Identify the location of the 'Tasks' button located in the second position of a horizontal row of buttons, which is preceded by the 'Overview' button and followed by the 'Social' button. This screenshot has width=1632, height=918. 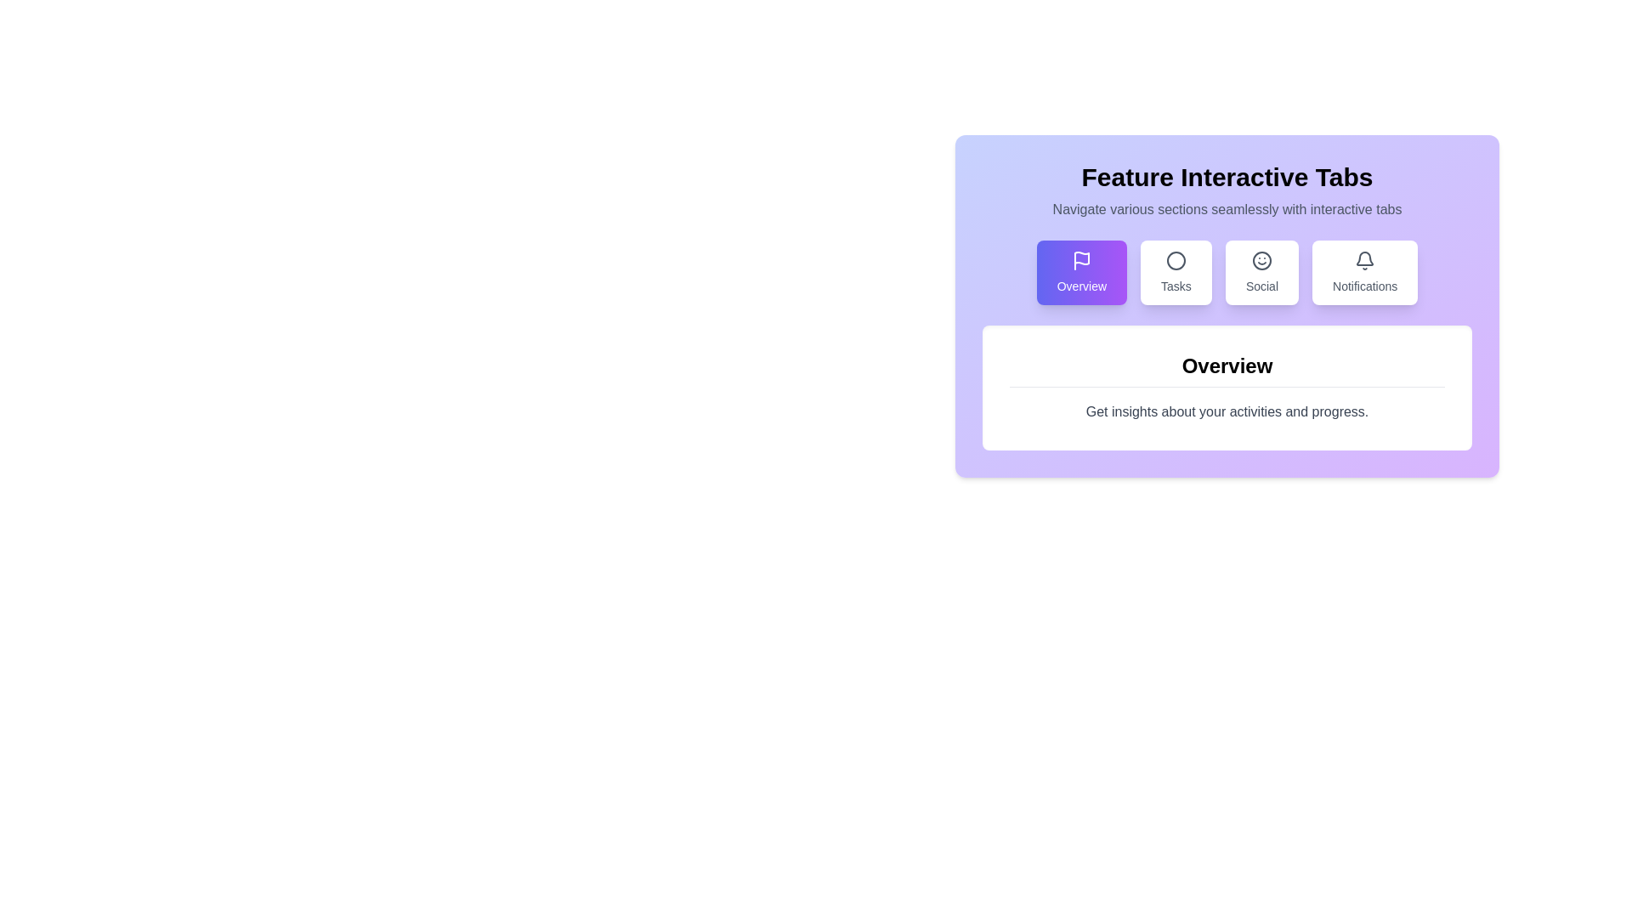
(1175, 271).